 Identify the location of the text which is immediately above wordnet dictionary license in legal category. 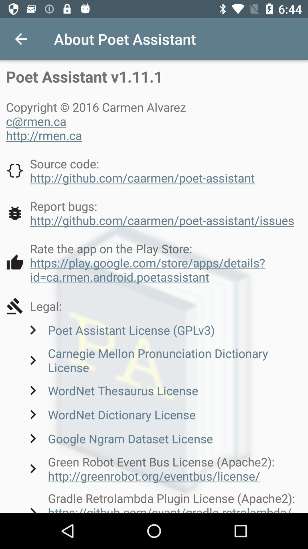
(111, 390).